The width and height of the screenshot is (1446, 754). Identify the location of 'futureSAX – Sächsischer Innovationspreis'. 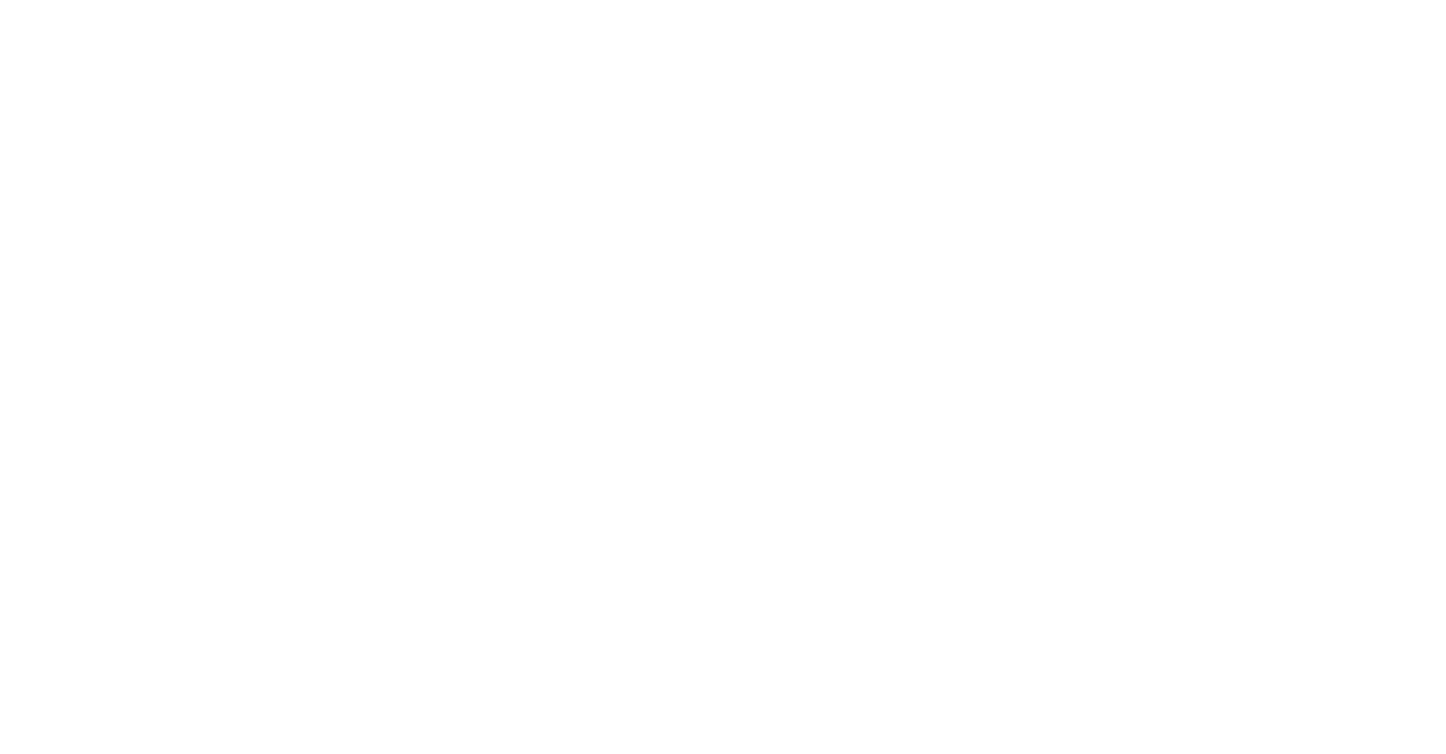
(148, 440).